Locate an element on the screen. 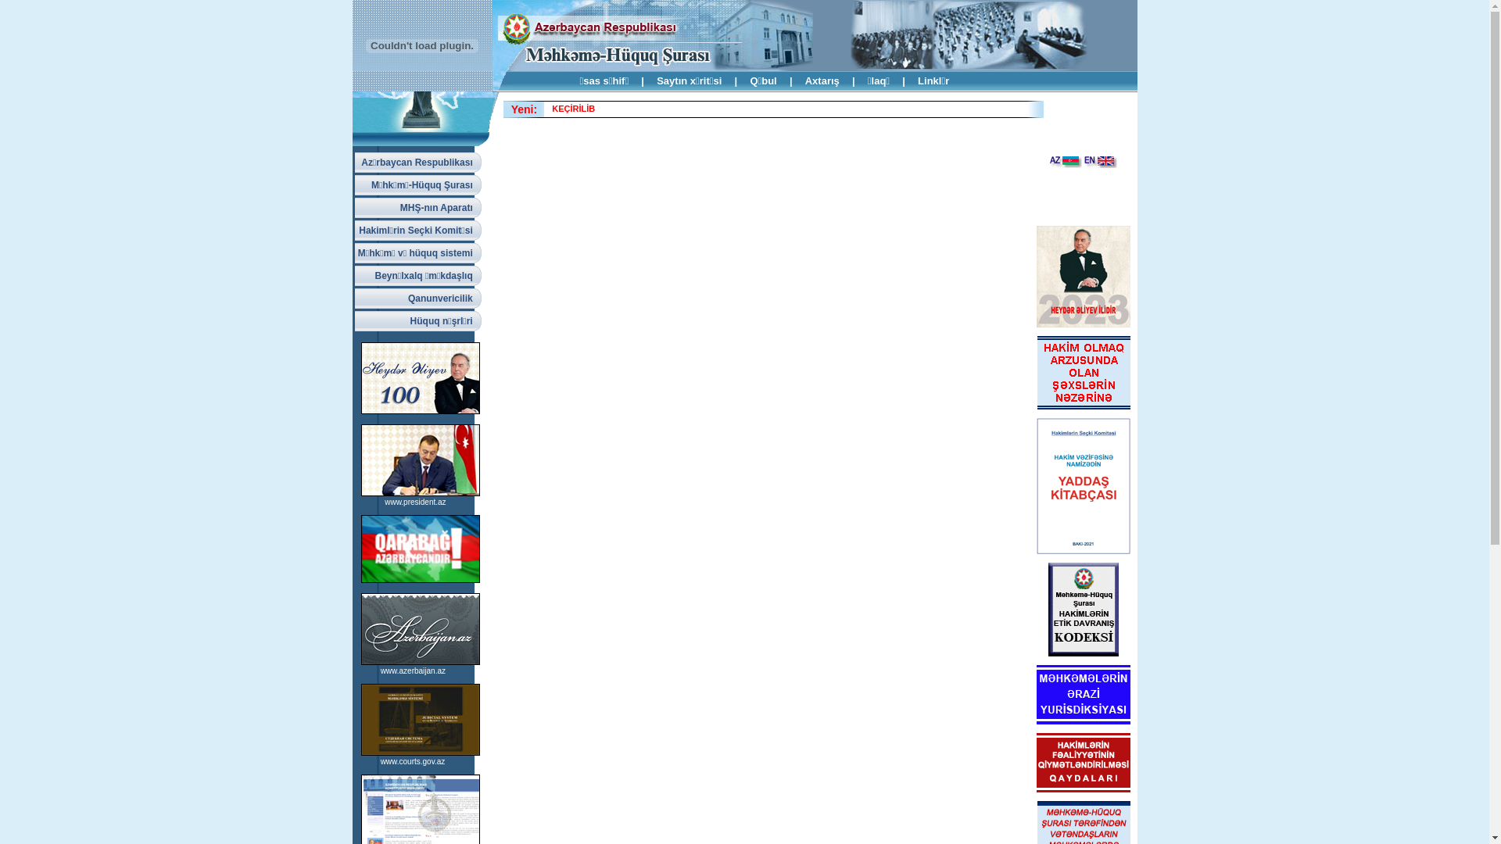 Image resolution: width=1501 pixels, height=844 pixels. 'www.azerbaijan.az' is located at coordinates (413, 670).